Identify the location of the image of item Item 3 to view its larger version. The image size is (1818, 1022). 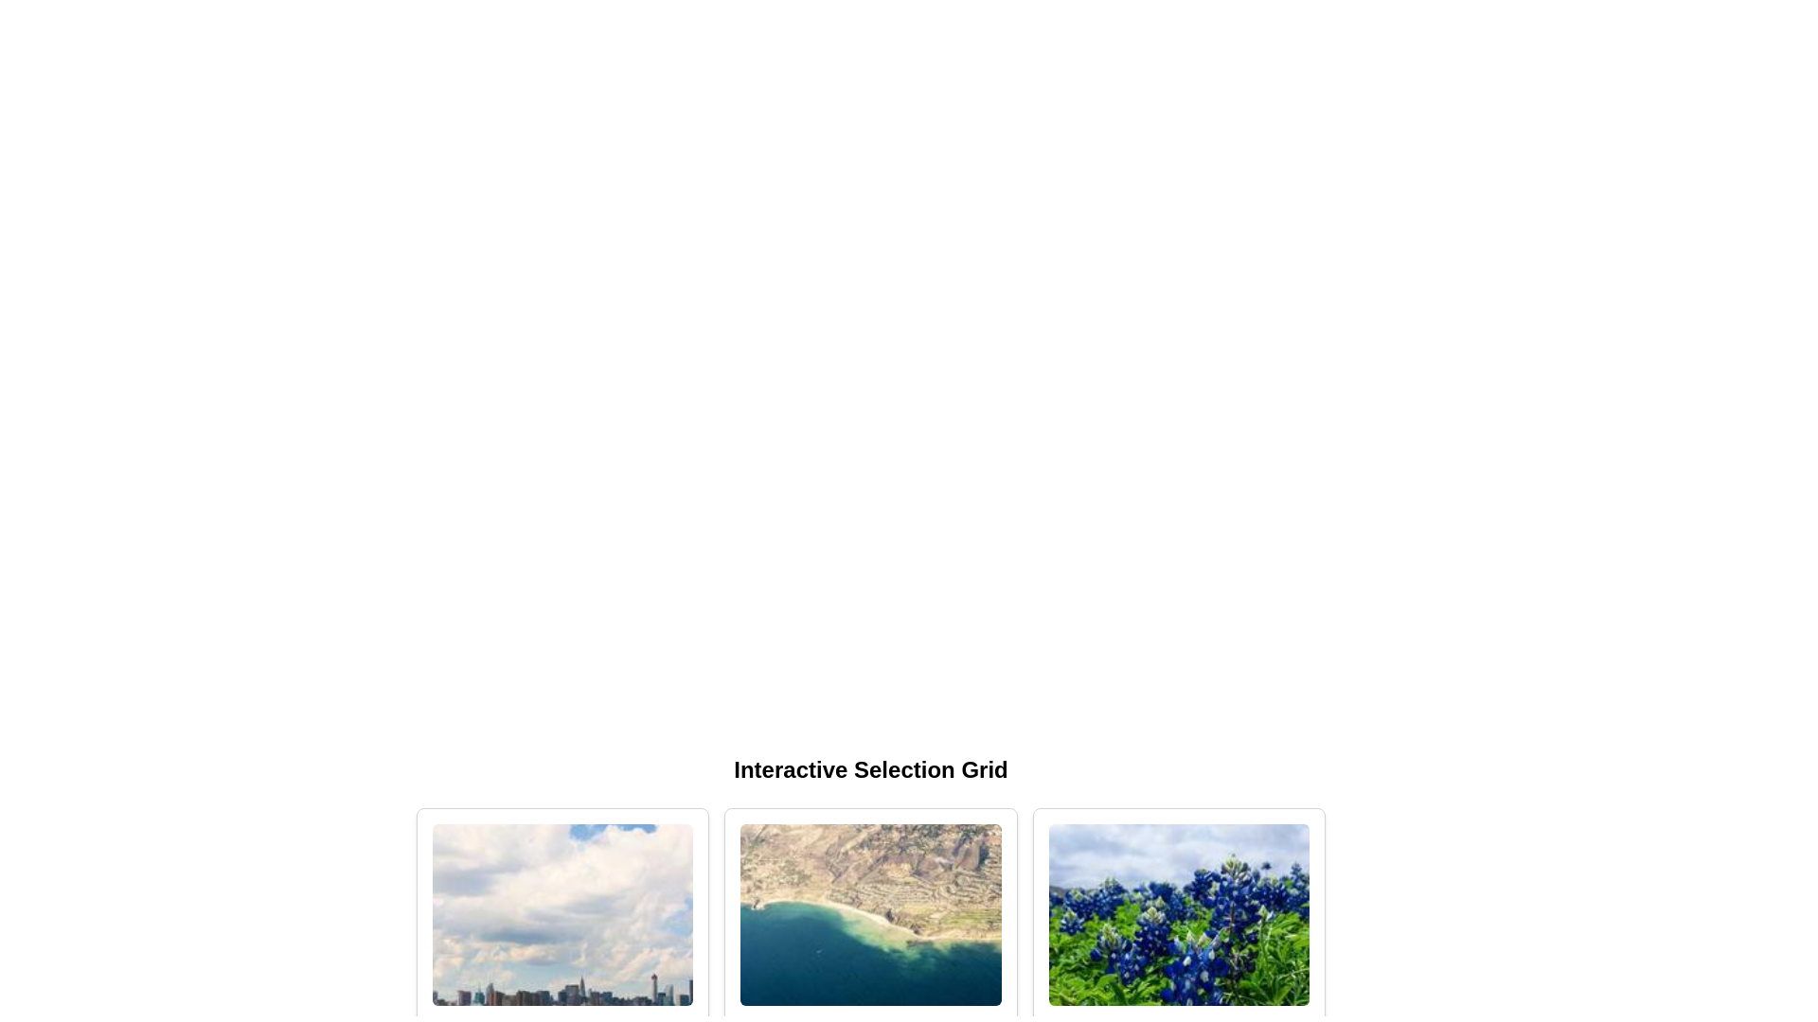
(1178, 914).